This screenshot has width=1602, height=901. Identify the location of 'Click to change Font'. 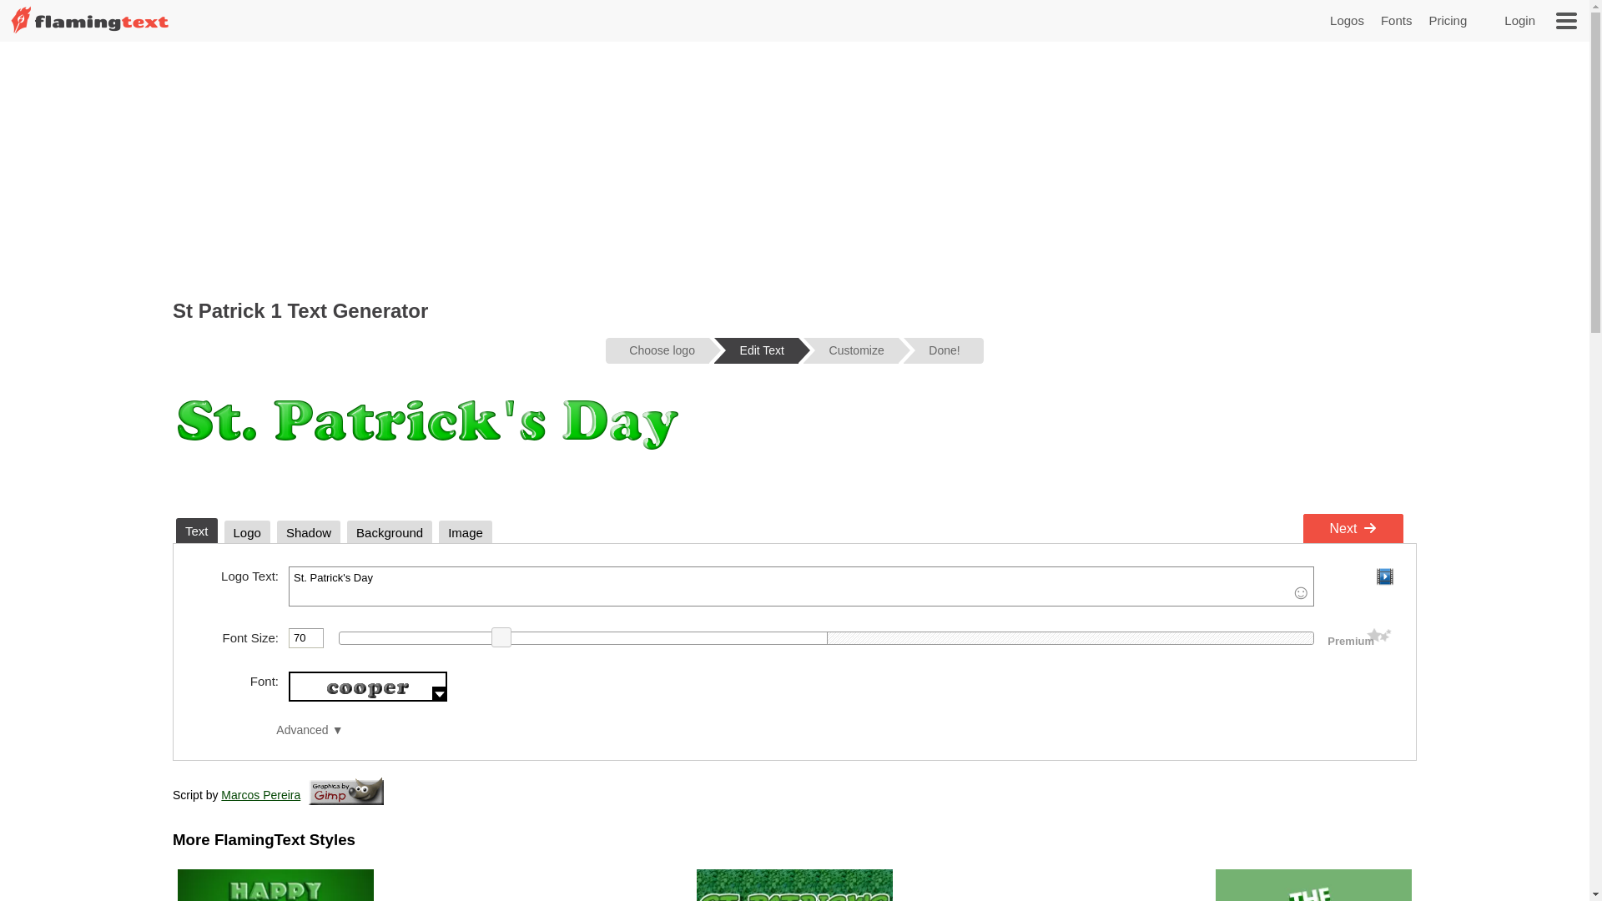
(367, 686).